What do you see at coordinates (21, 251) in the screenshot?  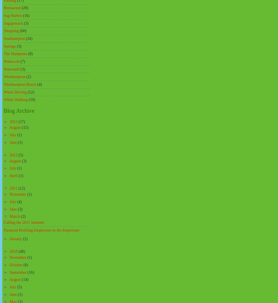 I see `'(48)'` at bounding box center [21, 251].